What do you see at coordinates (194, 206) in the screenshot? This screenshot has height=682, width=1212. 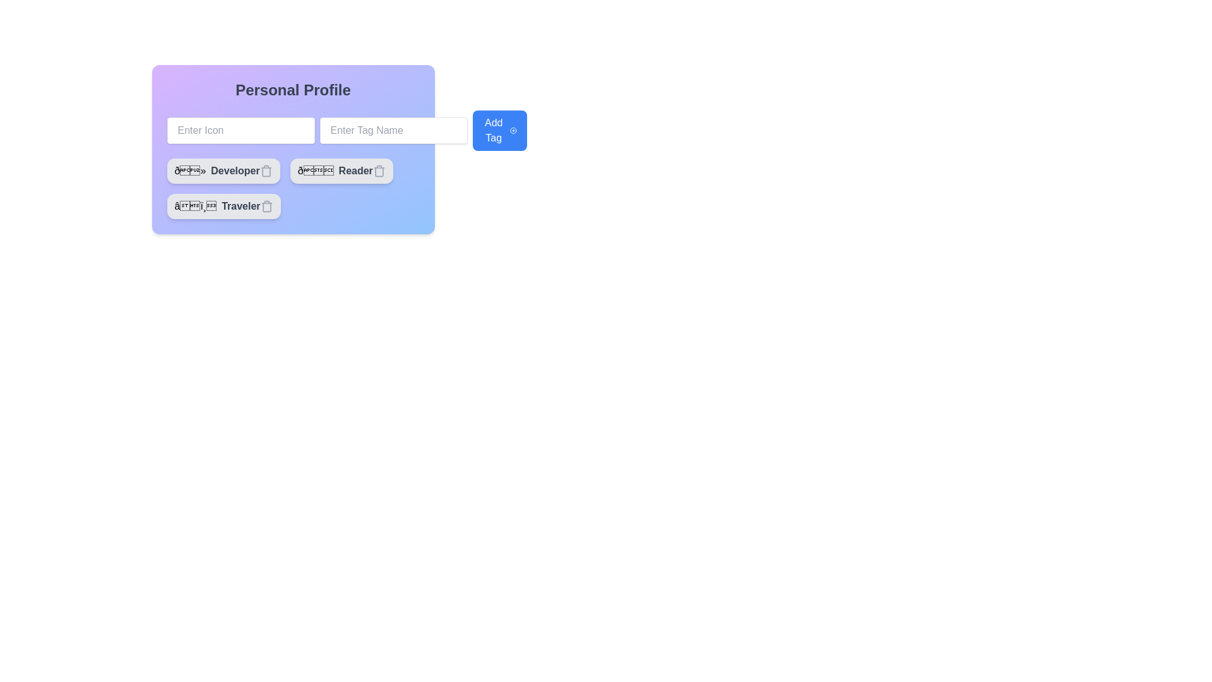 I see `the emoji-like character styled with a slight margin on the right, located at the left side of the 'Traveler' button` at bounding box center [194, 206].